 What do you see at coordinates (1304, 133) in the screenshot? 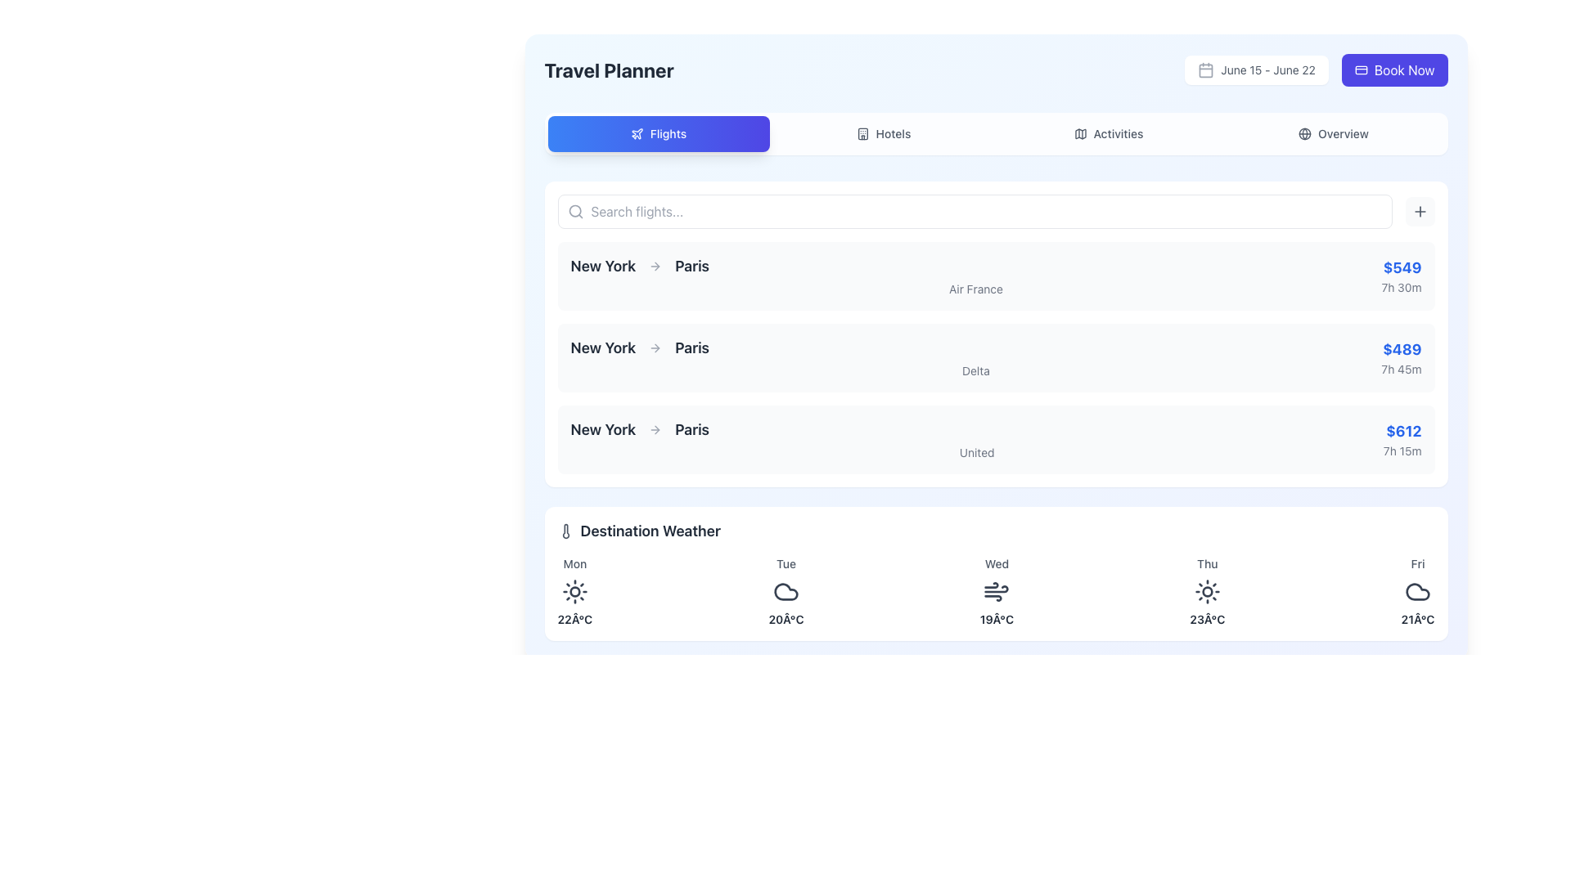
I see `the globe icon representing the 'Overview' tab located in the navigation bar at the top-right of the interface` at bounding box center [1304, 133].